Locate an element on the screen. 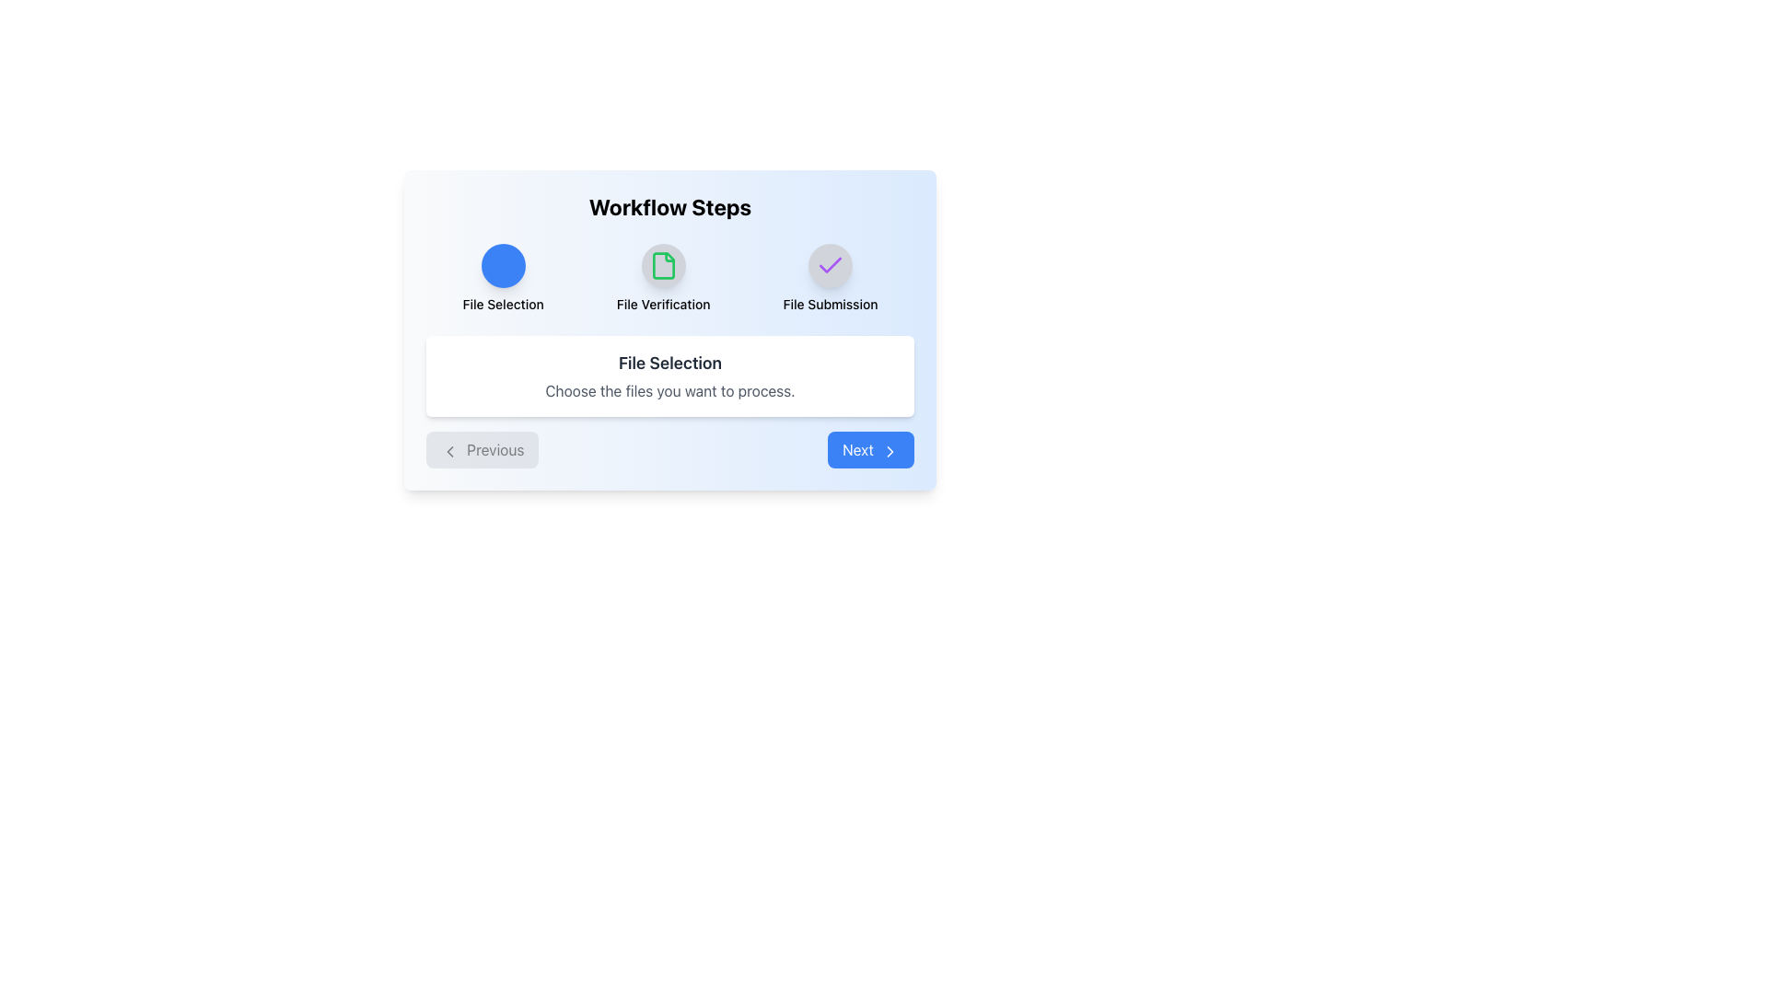  the directional indicator SVG icon located on the far right side of the 'Next' button within the 'Workflow Steps' section is located at coordinates (890, 450).